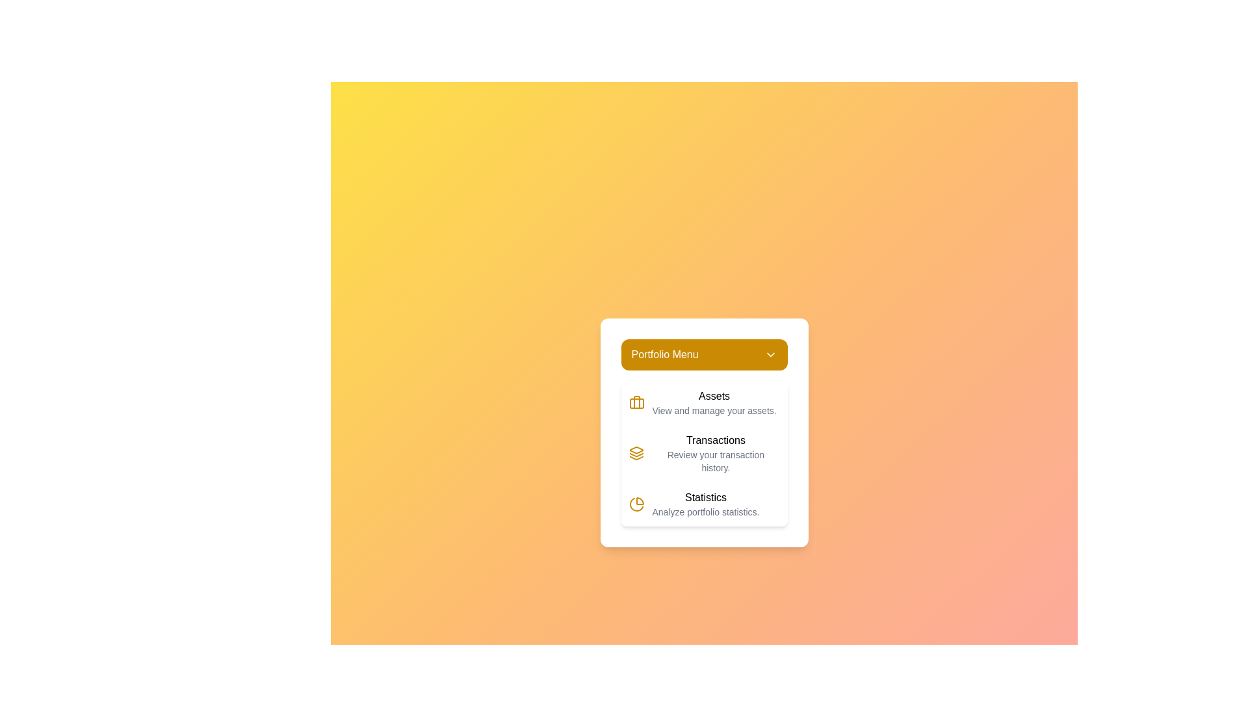 This screenshot has height=702, width=1248. I want to click on the menu option Transactions from the PortfolioManagerMenu dropdown, so click(703, 453).